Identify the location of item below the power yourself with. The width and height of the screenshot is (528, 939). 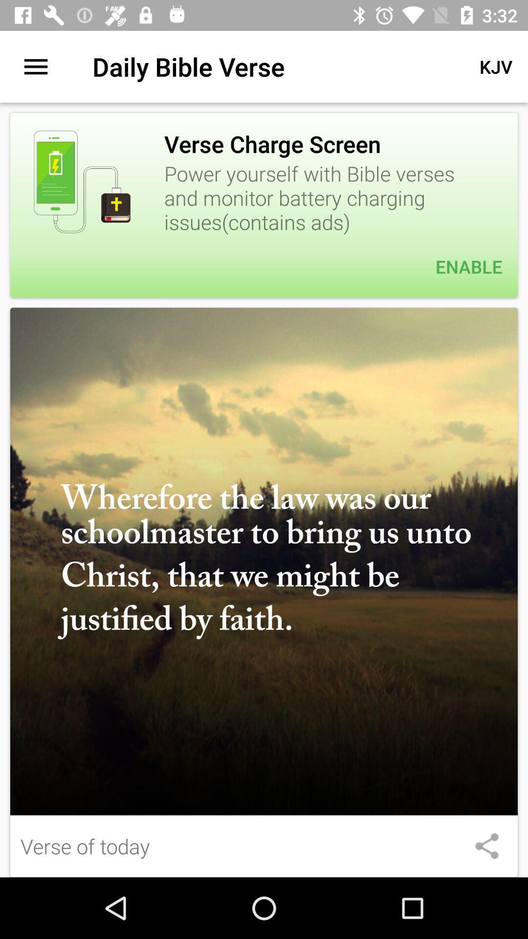
(264, 267).